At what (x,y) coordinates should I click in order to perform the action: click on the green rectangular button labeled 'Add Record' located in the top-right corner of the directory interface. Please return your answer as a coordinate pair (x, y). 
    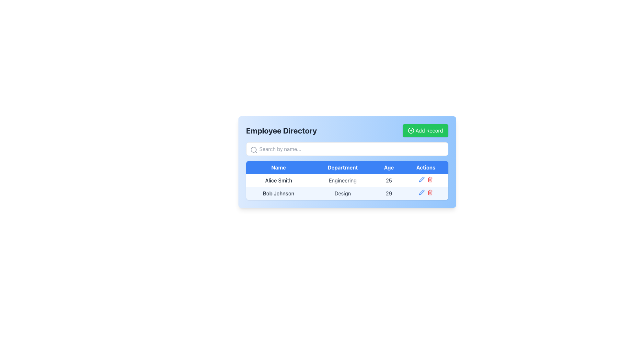
    Looking at the image, I should click on (410, 130).